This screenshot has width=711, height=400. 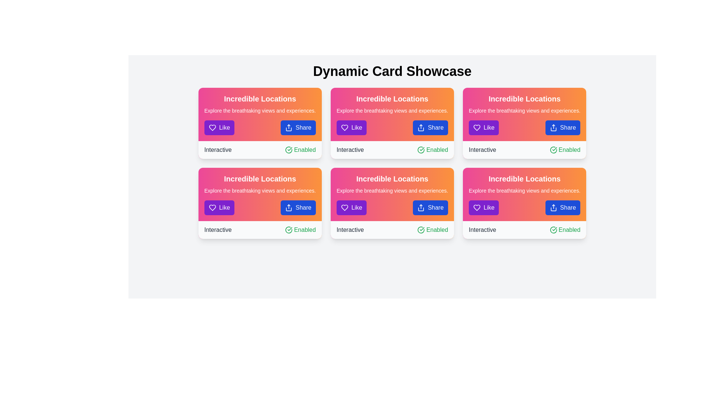 I want to click on the 'Like' icon located to the left of the 'Like' text within the button at the lower left section of the card layout, so click(x=477, y=127).